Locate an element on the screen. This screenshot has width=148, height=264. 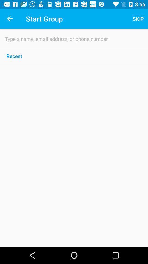
the skip icon is located at coordinates (138, 19).